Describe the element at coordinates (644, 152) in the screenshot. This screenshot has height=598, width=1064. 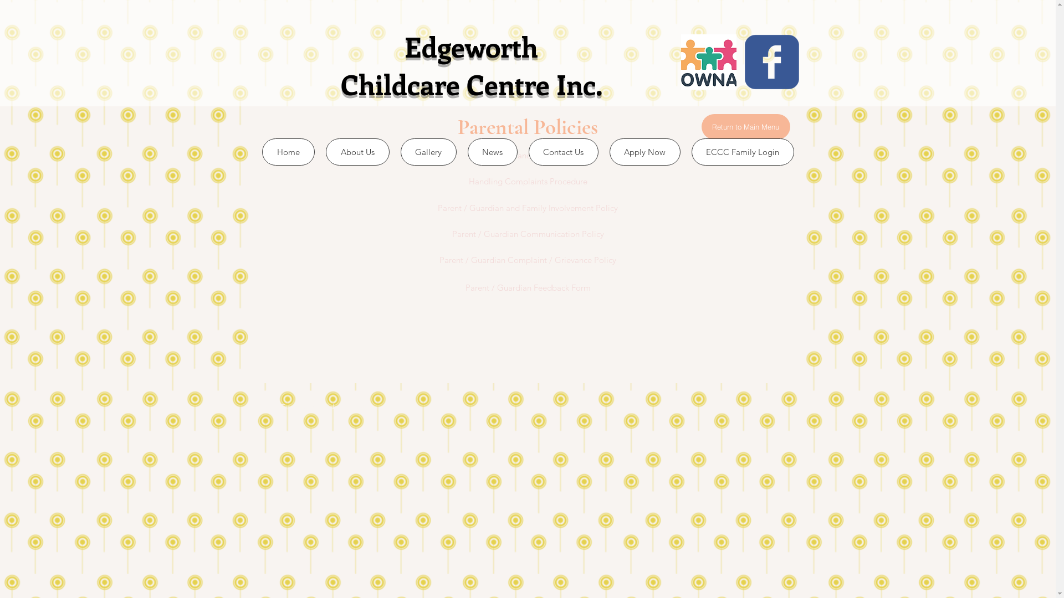
I see `'Apply Now'` at that location.